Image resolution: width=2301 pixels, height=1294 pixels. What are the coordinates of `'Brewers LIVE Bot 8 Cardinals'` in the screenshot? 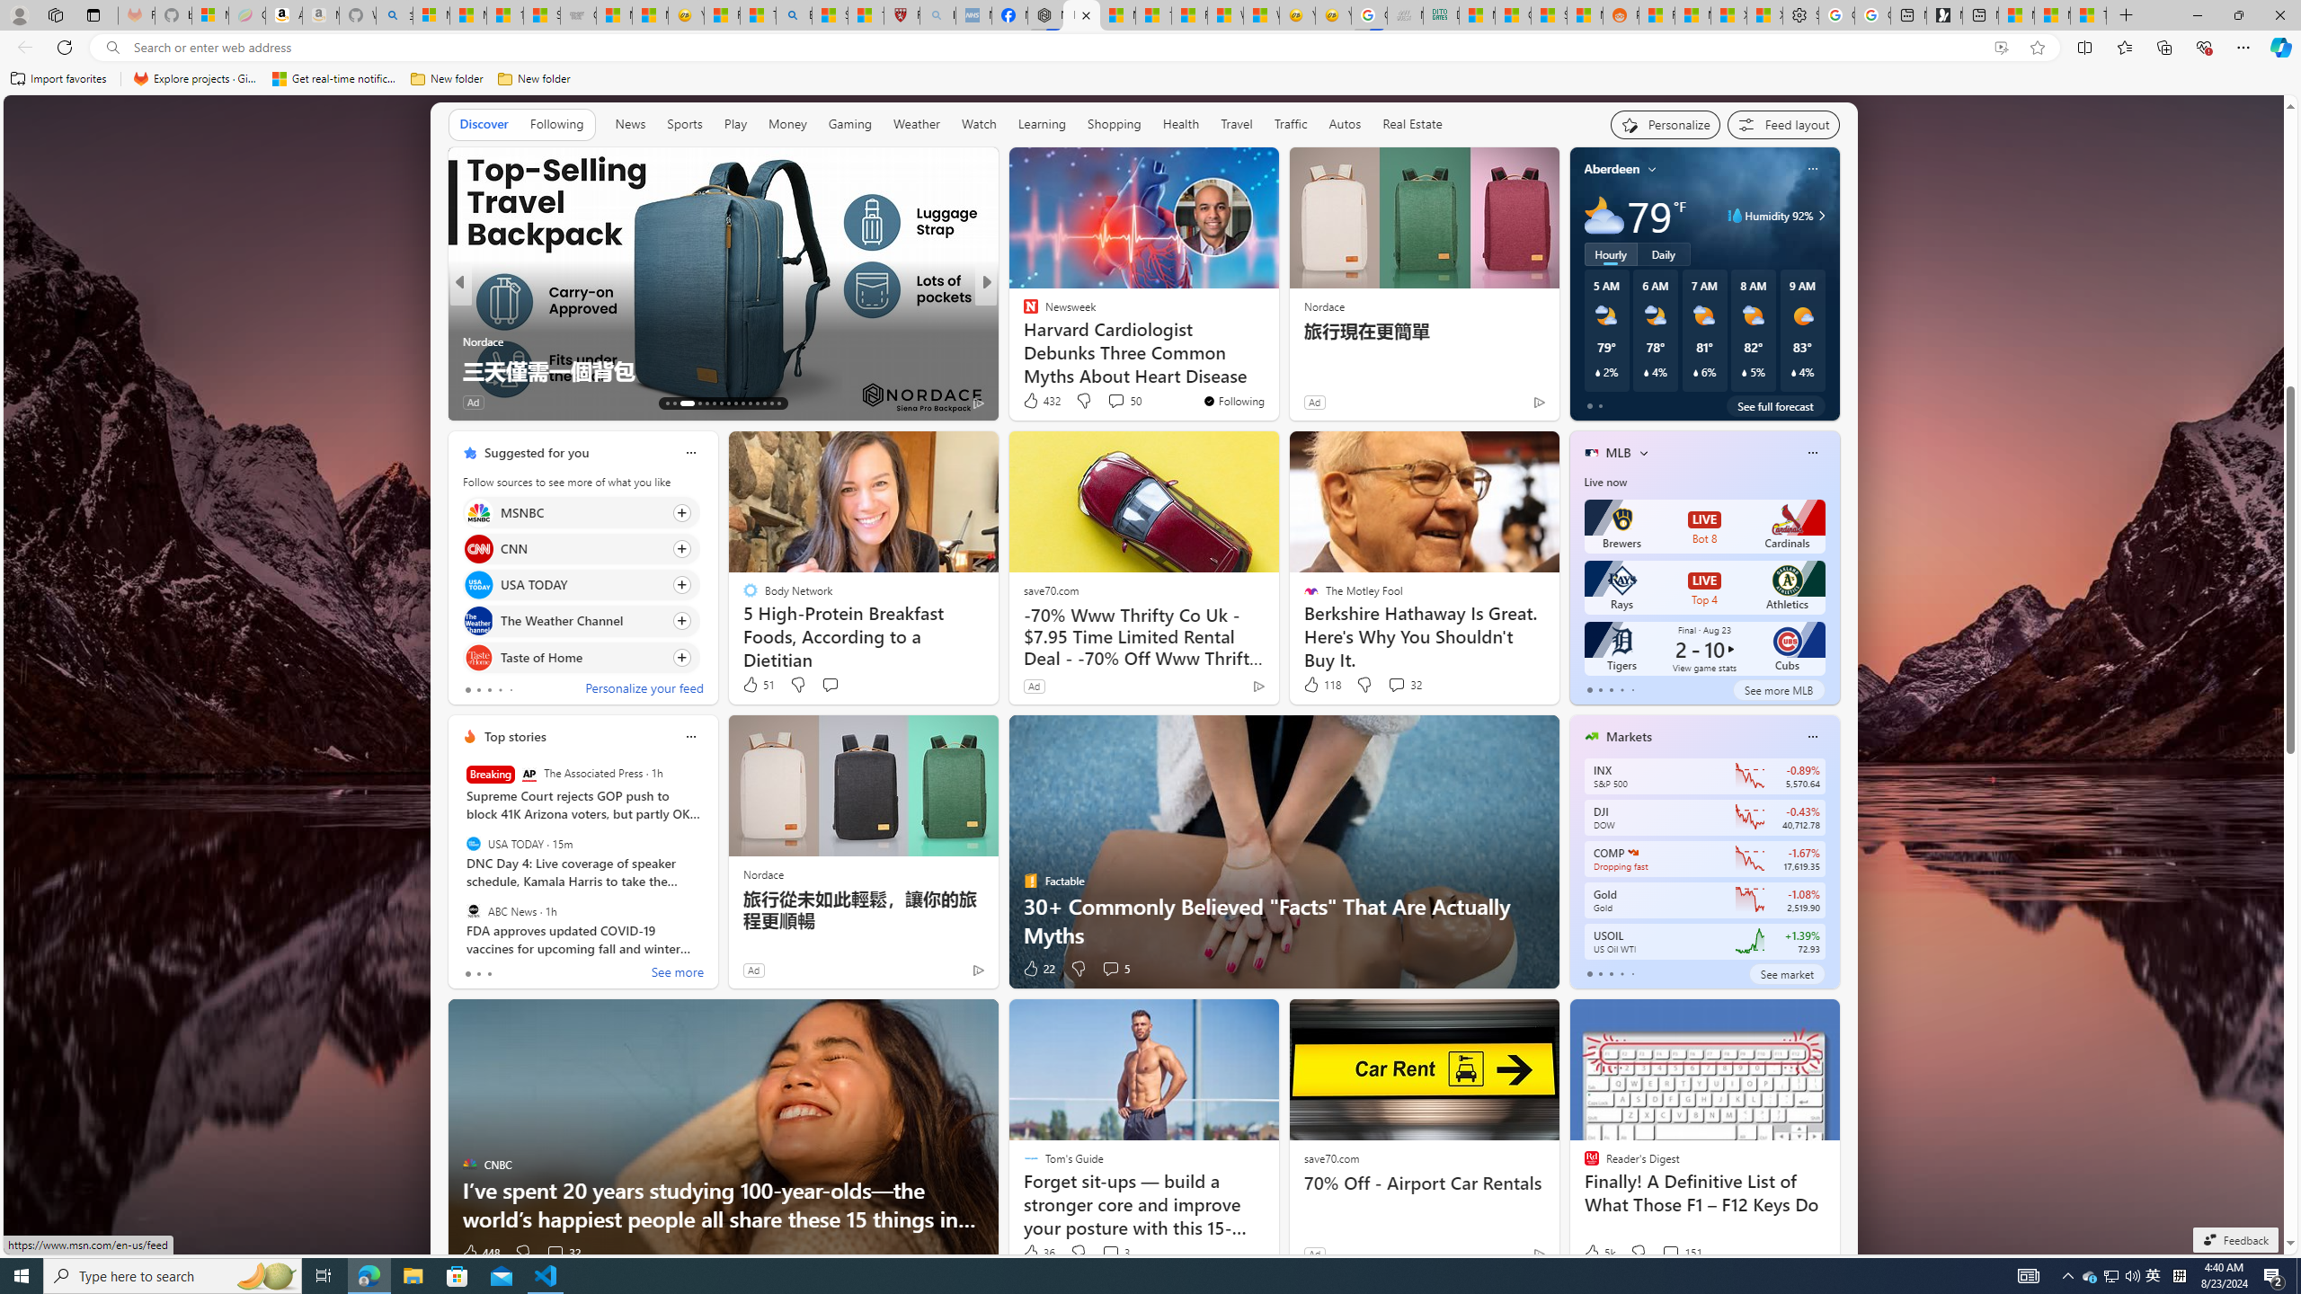 It's located at (1703, 526).